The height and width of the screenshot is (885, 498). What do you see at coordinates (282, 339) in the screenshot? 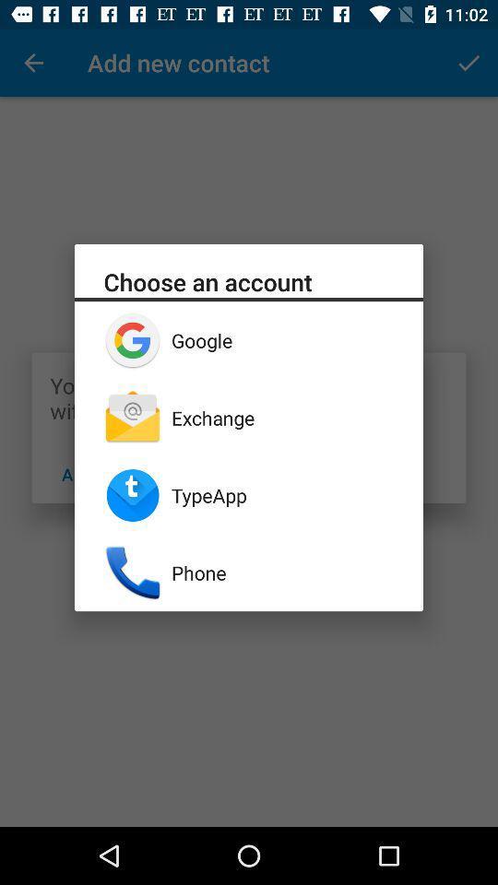
I see `google` at bounding box center [282, 339].